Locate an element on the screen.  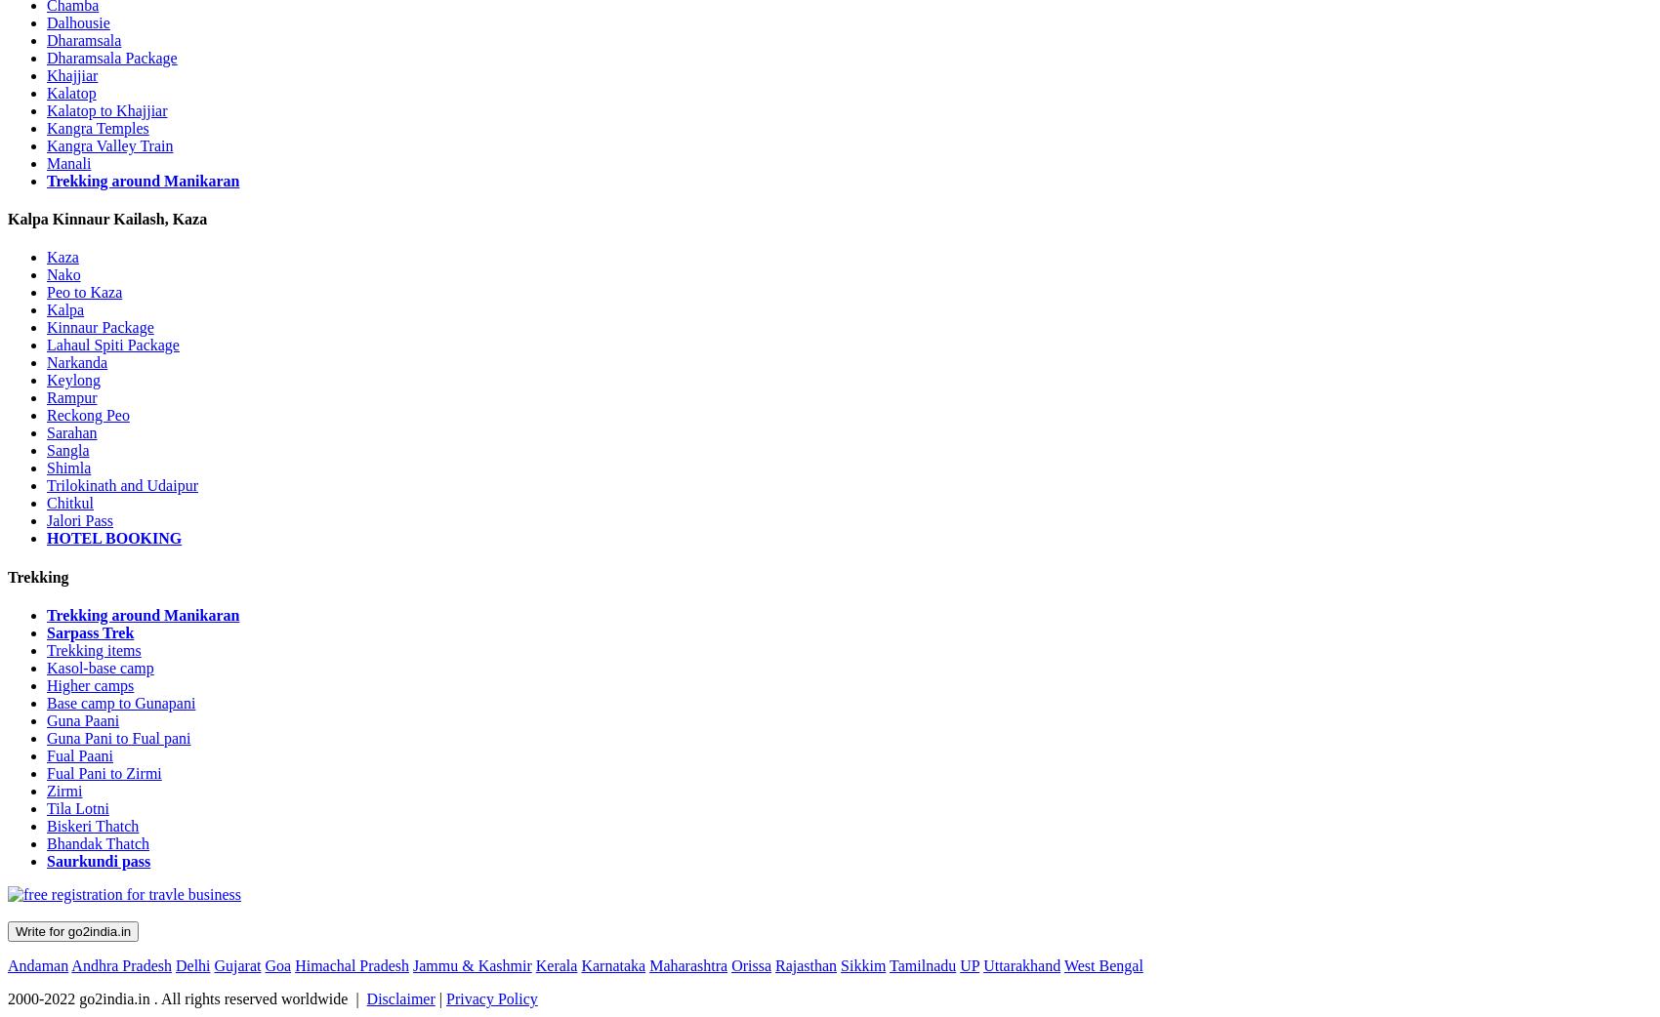
'Sikkim' is located at coordinates (863, 964).